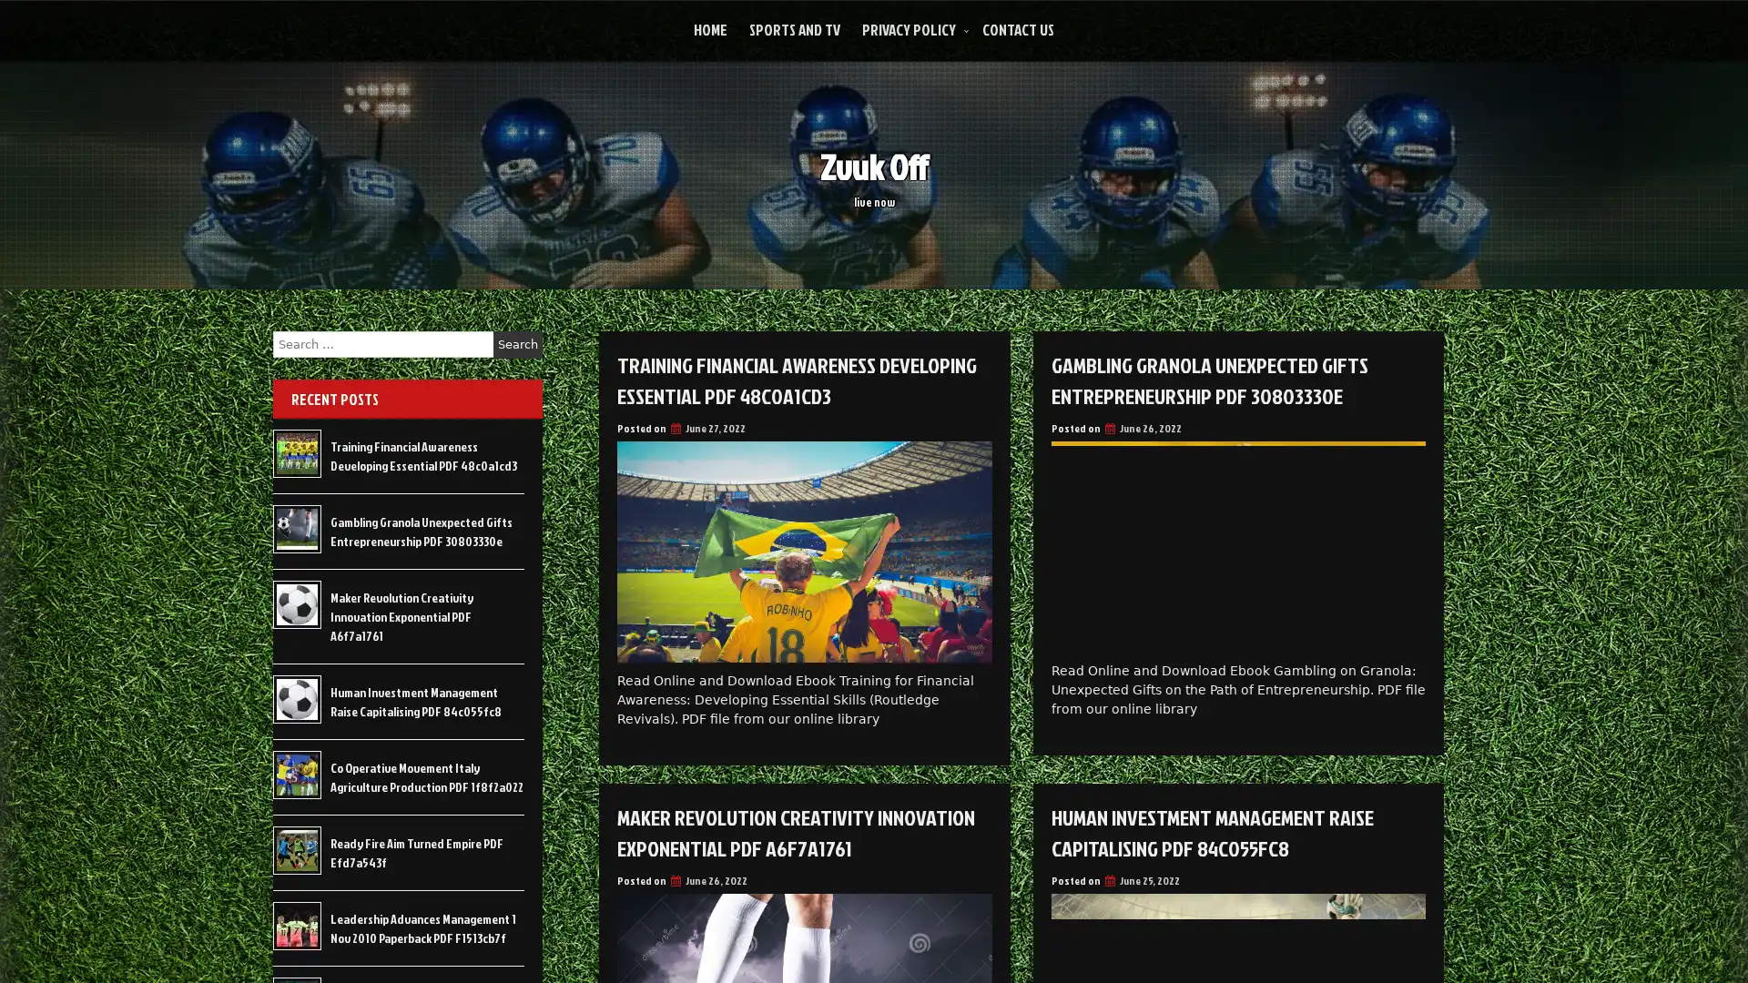 The image size is (1748, 983). What do you see at coordinates (517, 344) in the screenshot?
I see `Search` at bounding box center [517, 344].